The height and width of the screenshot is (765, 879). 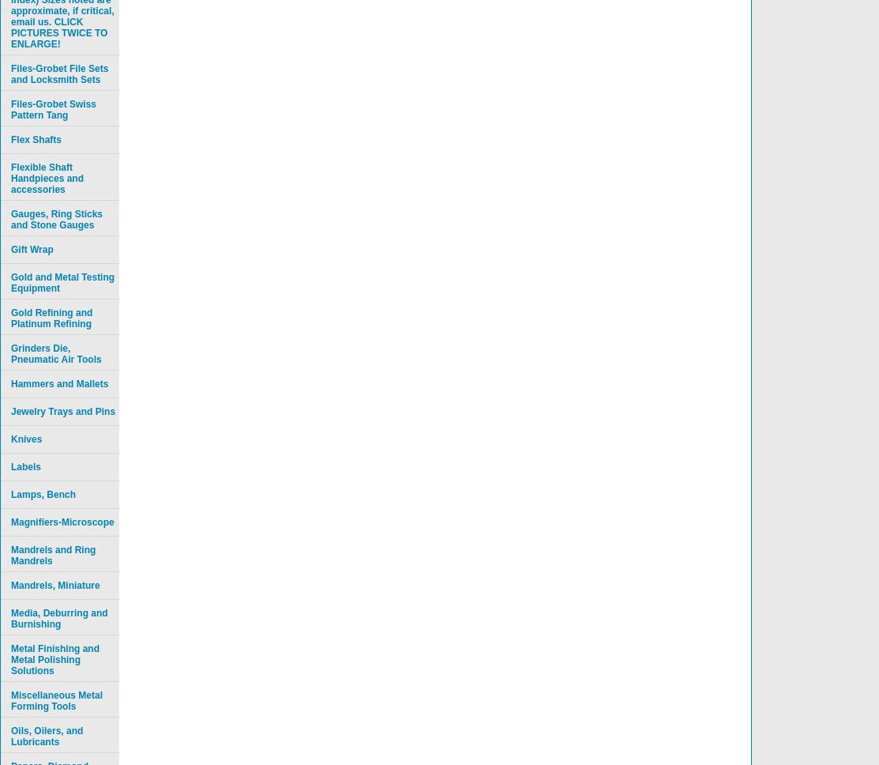 What do you see at coordinates (47, 178) in the screenshot?
I see `'Flexible Shaft Handpieces and accessories'` at bounding box center [47, 178].